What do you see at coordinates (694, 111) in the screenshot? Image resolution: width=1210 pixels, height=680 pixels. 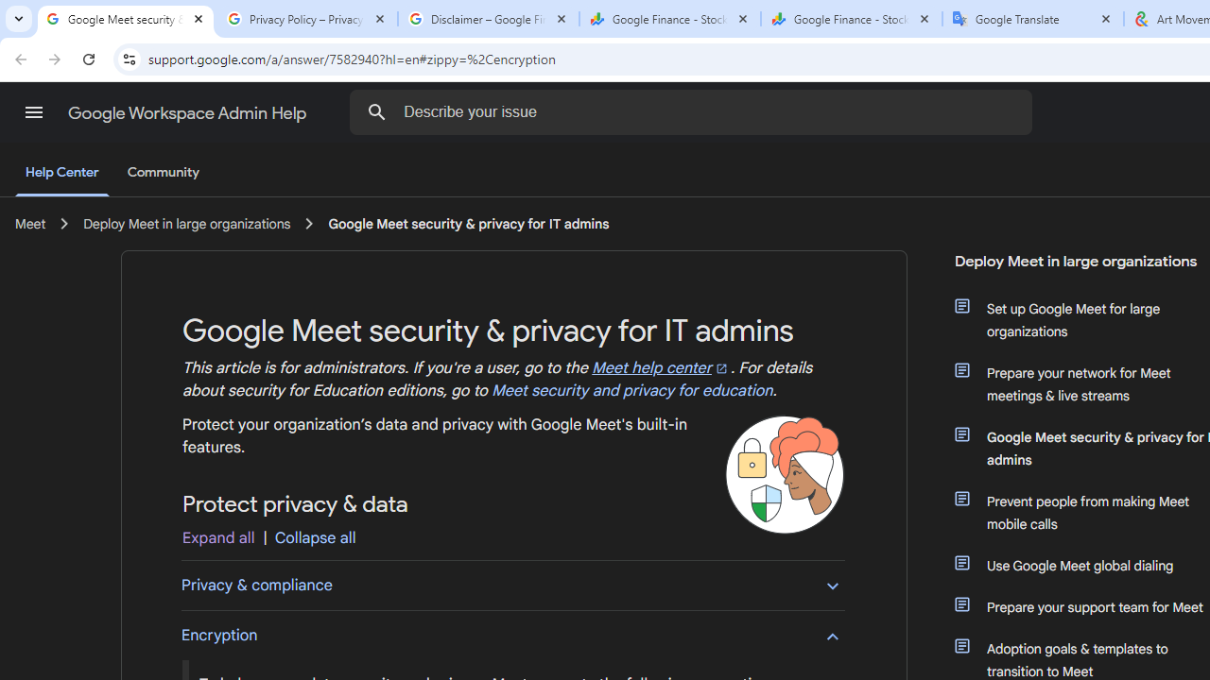 I see `'Describe your issue'` at bounding box center [694, 111].